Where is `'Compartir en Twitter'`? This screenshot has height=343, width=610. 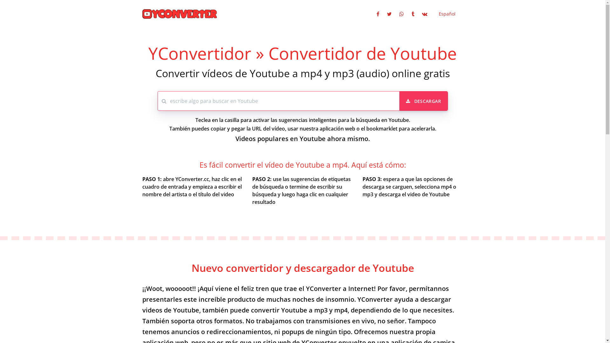 'Compartir en Twitter' is located at coordinates (389, 14).